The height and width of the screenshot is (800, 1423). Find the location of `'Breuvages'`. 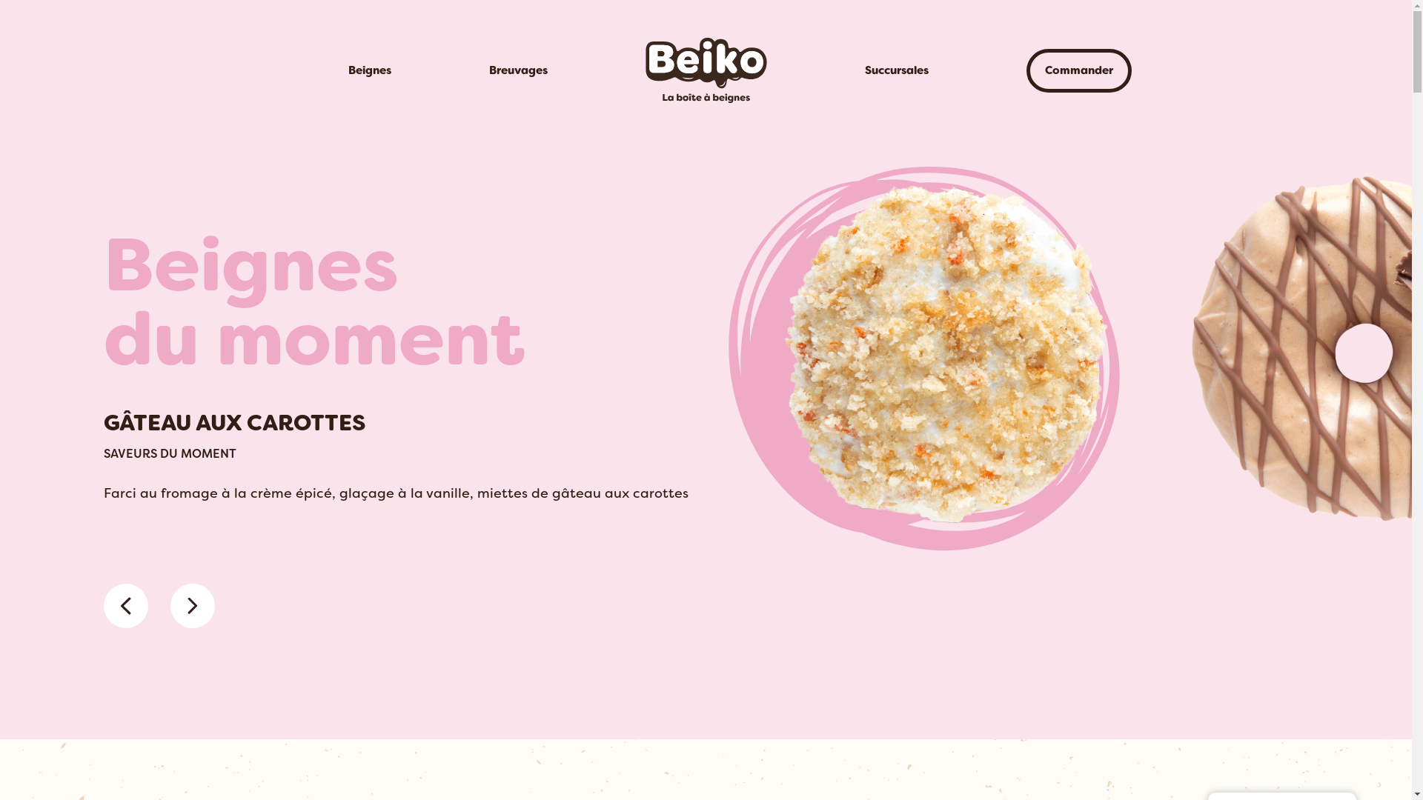

'Breuvages' is located at coordinates (517, 70).